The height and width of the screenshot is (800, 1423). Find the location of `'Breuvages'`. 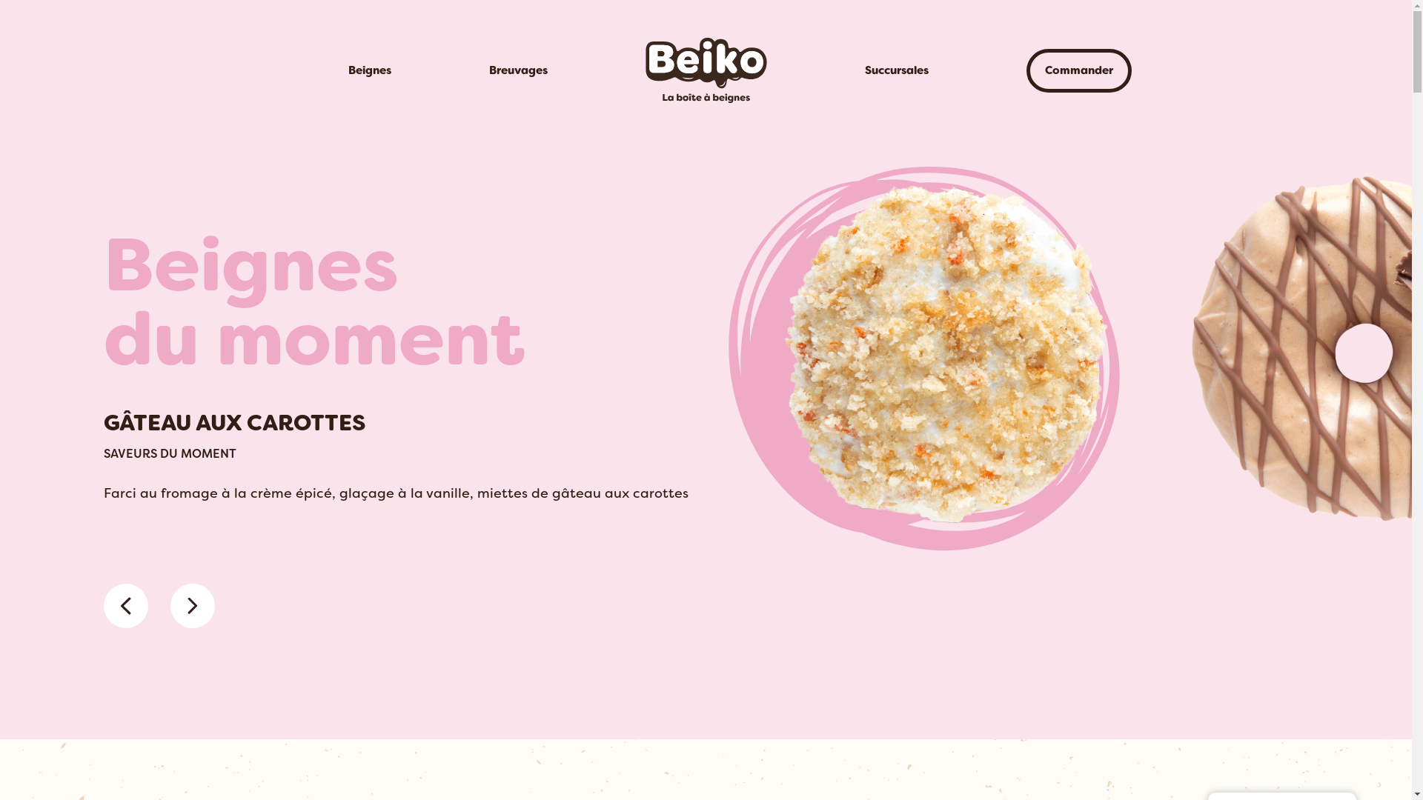

'Breuvages' is located at coordinates (517, 70).